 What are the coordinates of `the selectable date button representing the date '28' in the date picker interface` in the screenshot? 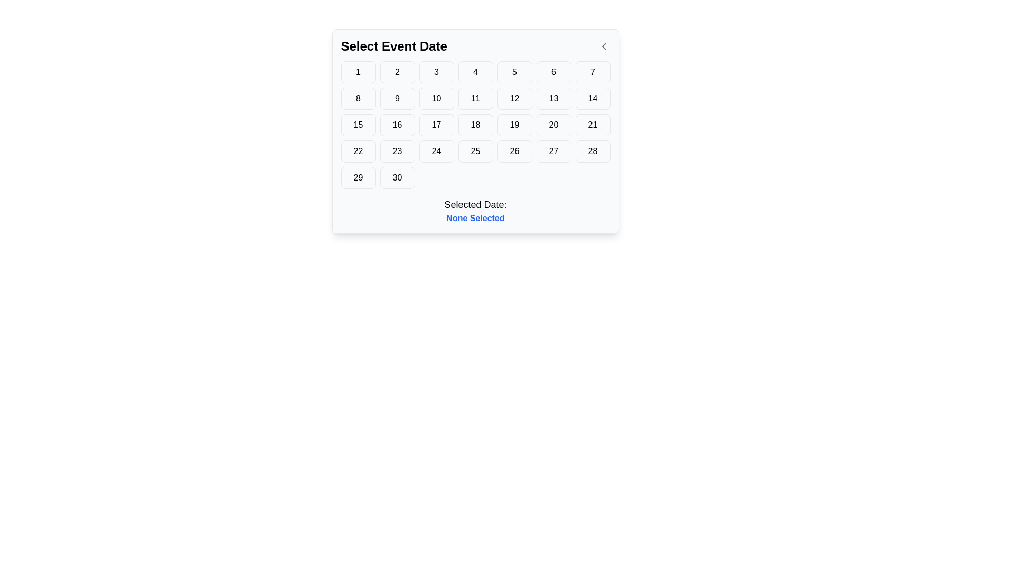 It's located at (593, 151).